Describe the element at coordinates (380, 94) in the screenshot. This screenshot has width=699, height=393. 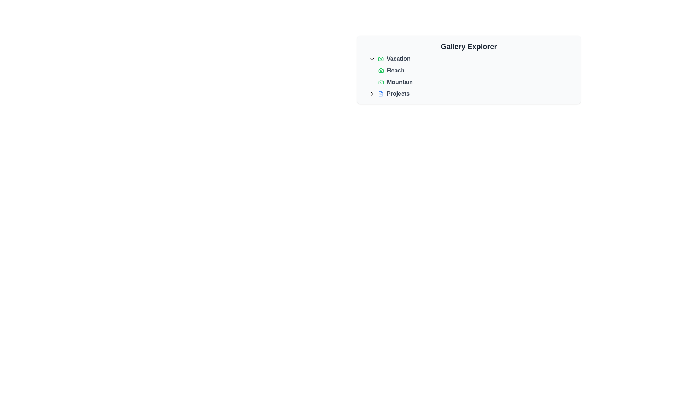
I see `the icon associated with 'Projects'` at that location.